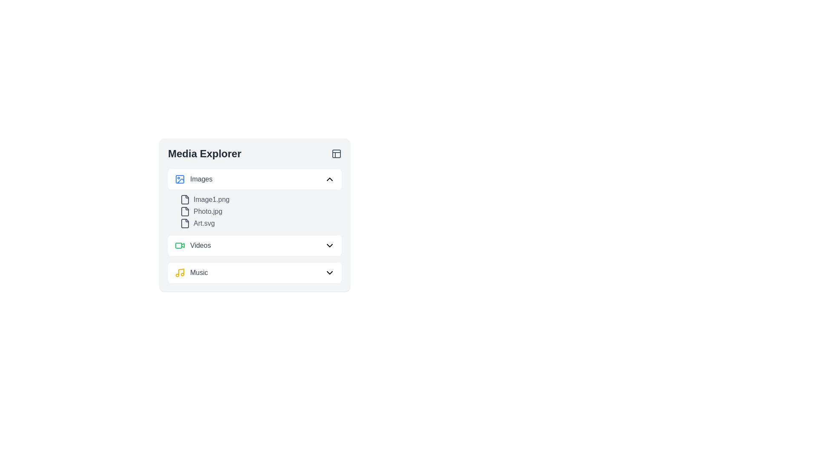  Describe the element at coordinates (260, 211) in the screenshot. I see `the File entry labeled 'Photo.jpg' which is the second item in the 'Images' category list` at that location.